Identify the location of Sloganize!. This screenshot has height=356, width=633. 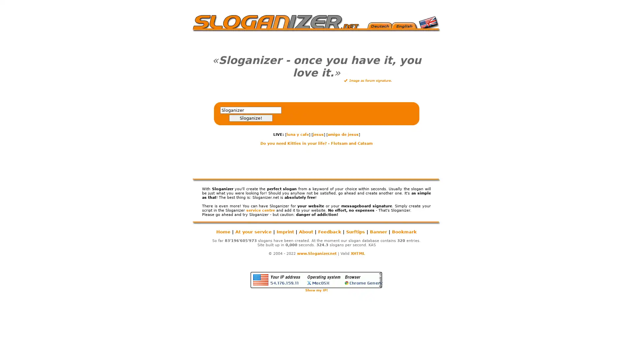
(250, 118).